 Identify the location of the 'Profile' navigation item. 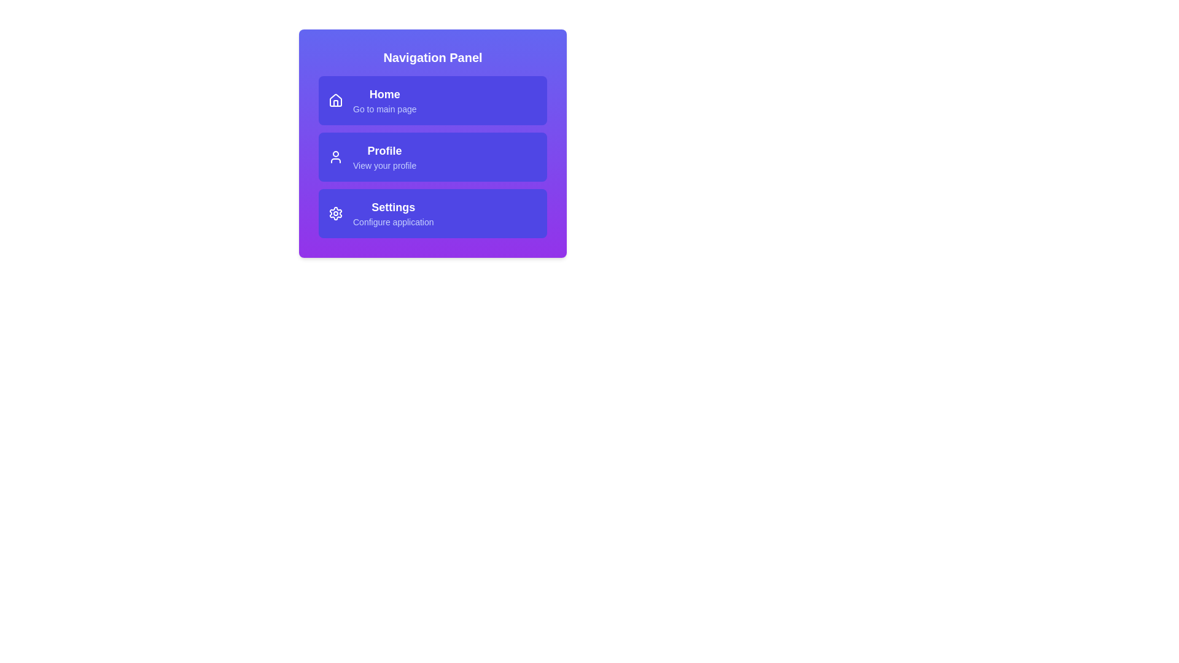
(433, 156).